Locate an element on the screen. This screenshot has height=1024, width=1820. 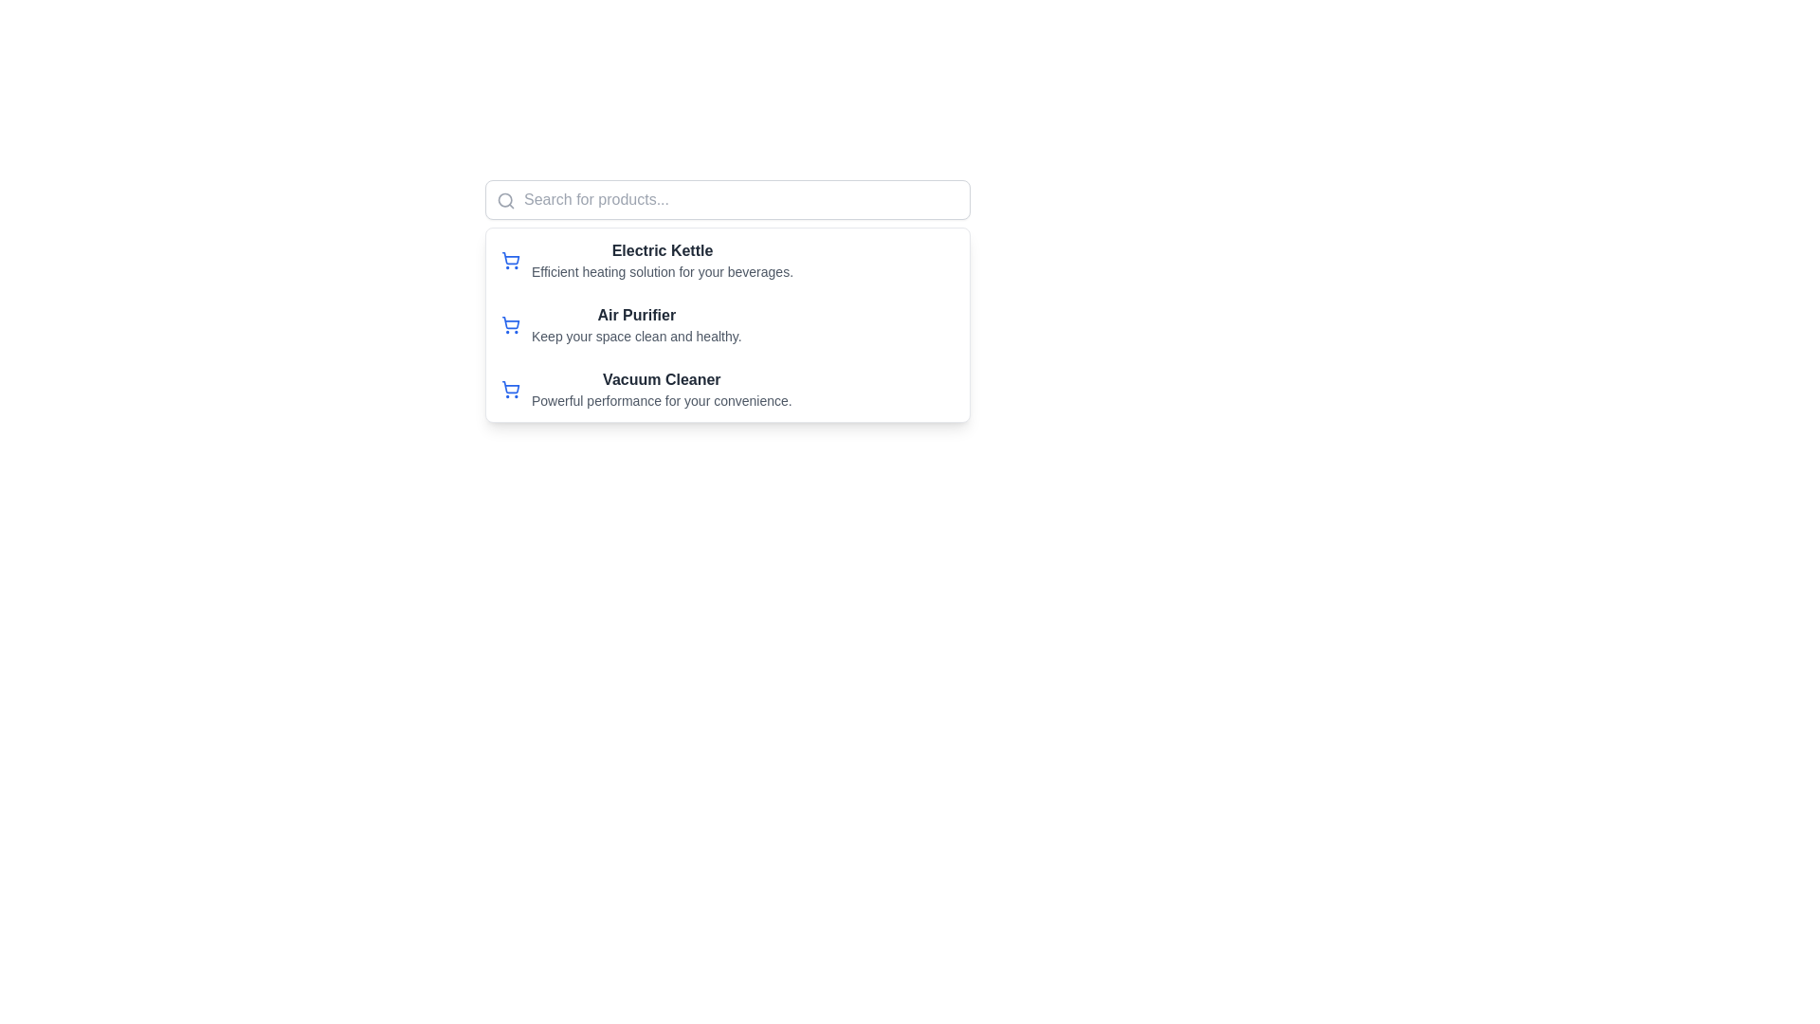
the 'Vacuum Cleaner' text label, which is the primary heading of the third item in a list, located below the 'Air Purifier' title and above the descriptive text is located at coordinates (662, 380).